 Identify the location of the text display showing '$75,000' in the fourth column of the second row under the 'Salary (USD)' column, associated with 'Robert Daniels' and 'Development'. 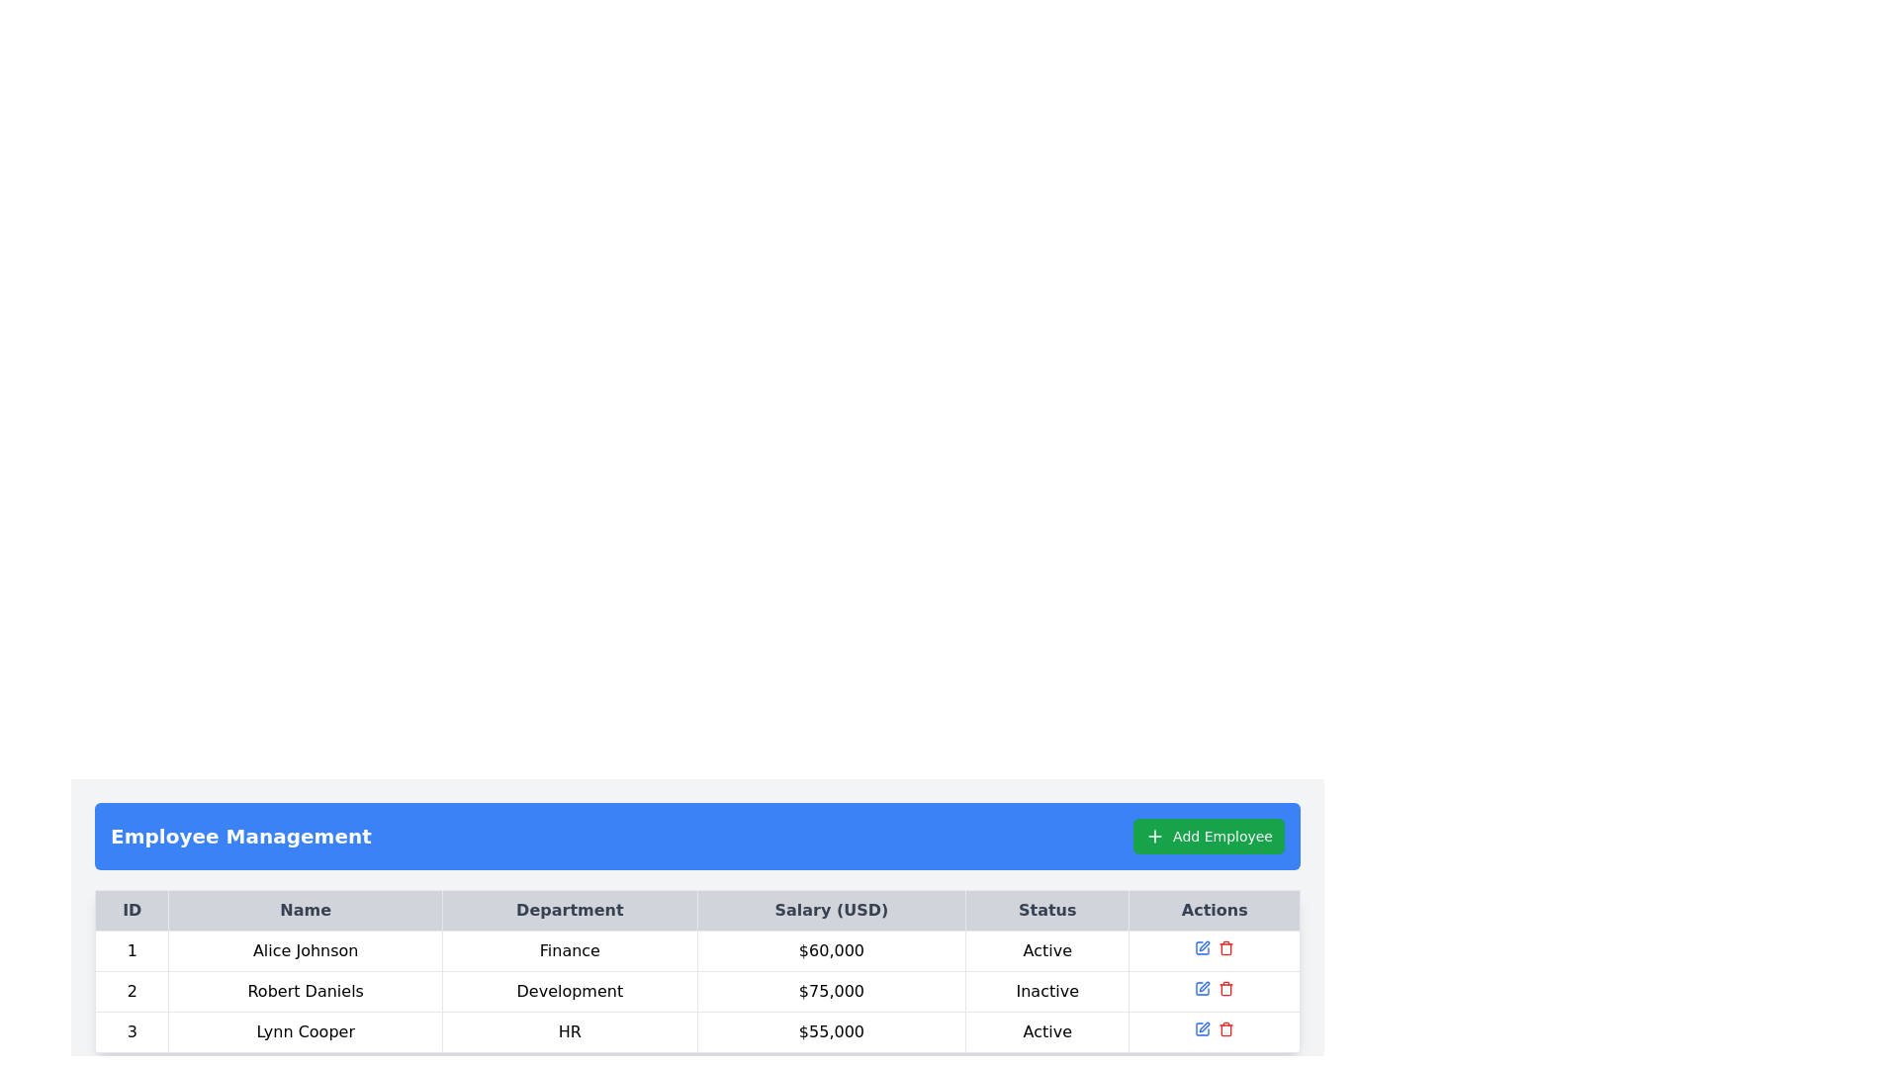
(831, 991).